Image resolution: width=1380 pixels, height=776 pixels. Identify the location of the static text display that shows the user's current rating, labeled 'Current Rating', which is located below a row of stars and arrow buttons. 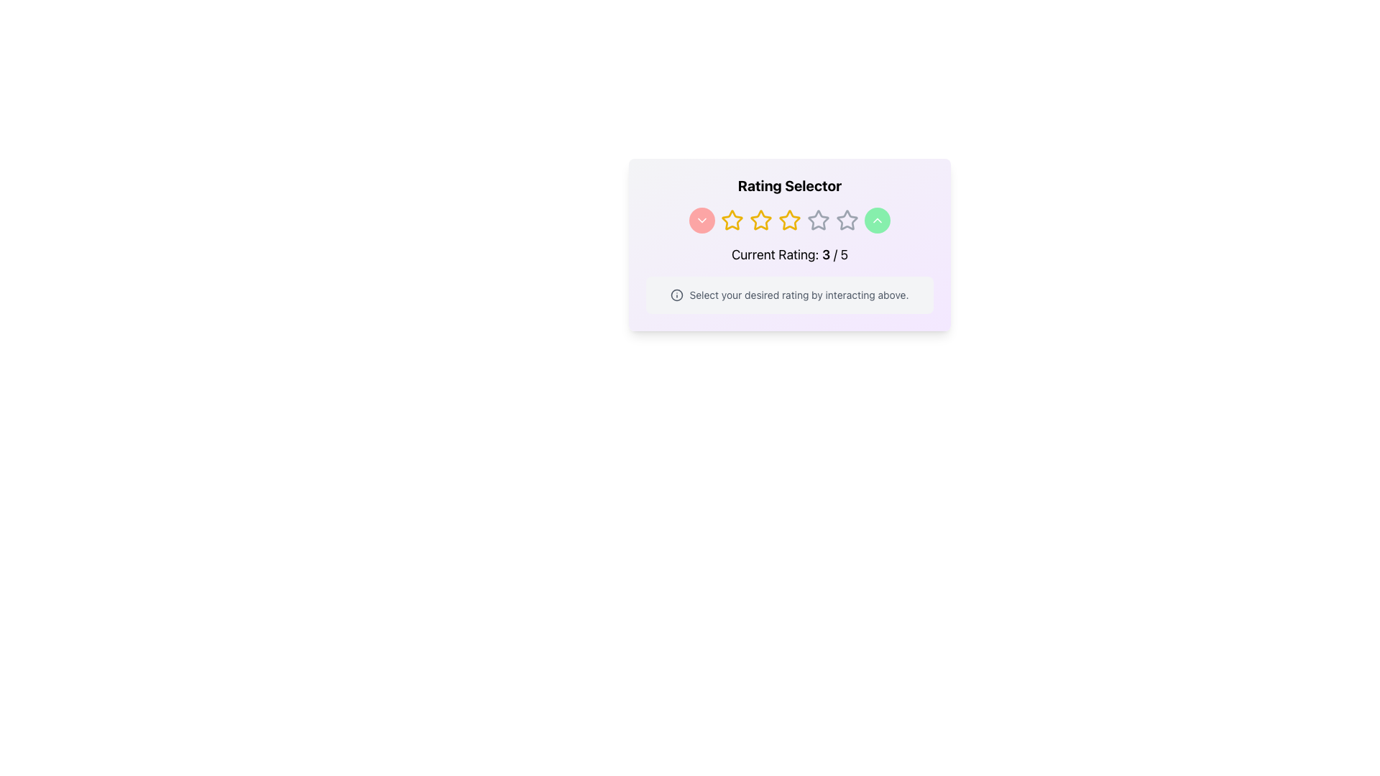
(789, 254).